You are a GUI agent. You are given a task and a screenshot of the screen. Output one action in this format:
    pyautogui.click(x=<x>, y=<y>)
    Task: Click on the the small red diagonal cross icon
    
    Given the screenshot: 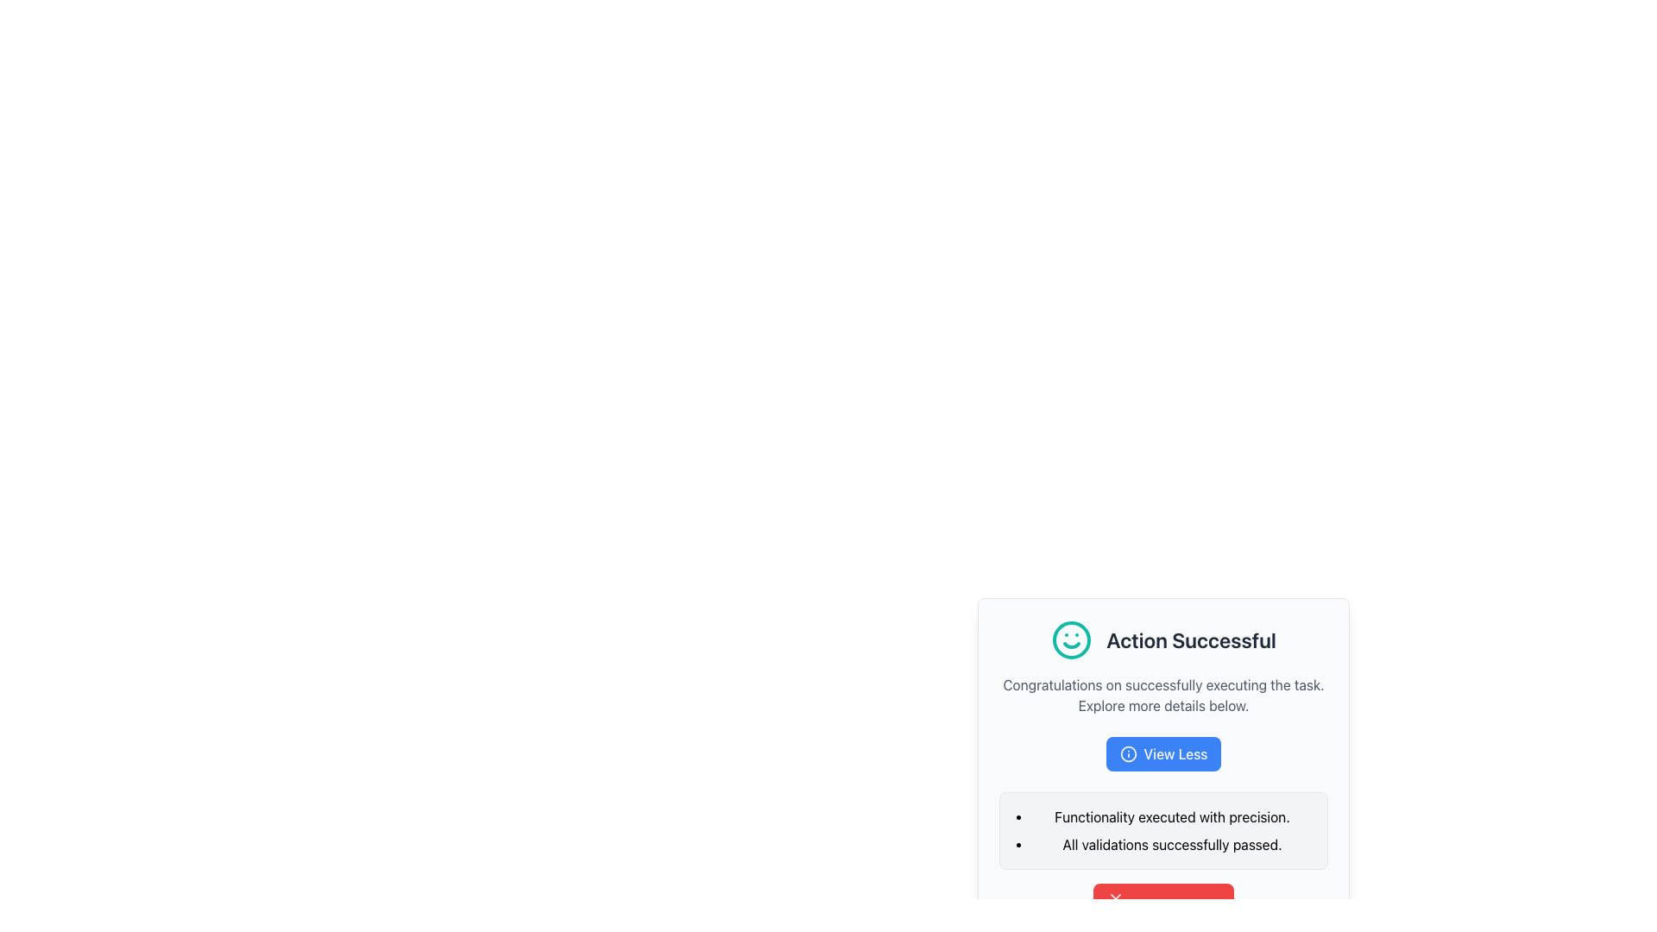 What is the action you would take?
    pyautogui.click(x=1115, y=897)
    